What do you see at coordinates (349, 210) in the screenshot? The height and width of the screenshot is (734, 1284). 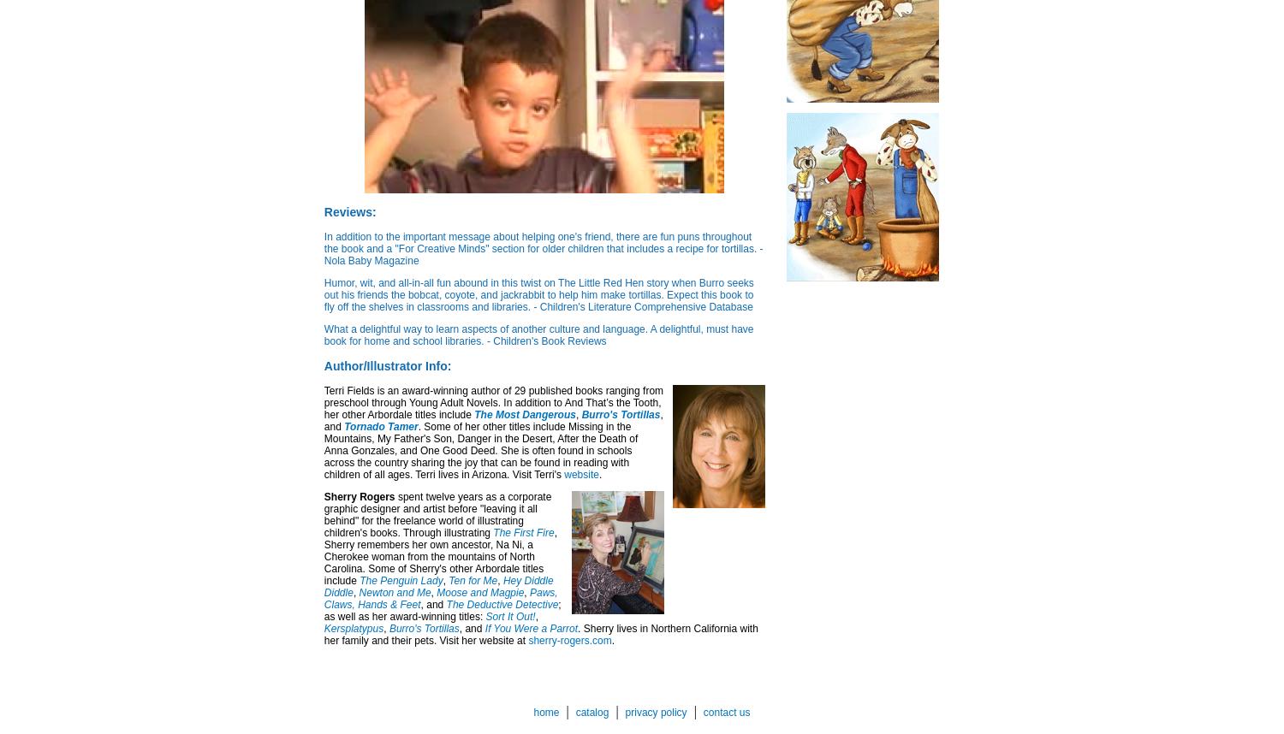 I see `'Reviews:'` at bounding box center [349, 210].